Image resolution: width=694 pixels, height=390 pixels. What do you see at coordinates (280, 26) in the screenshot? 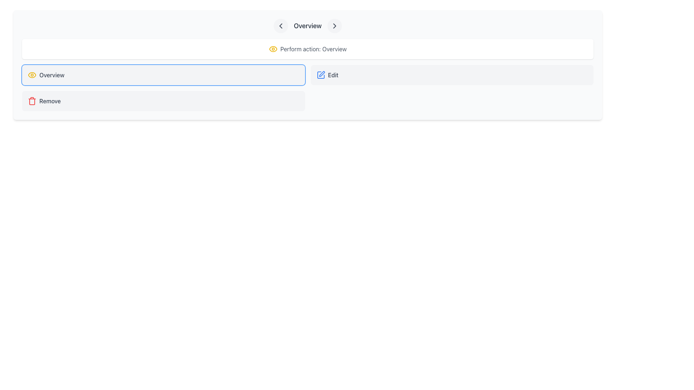
I see `the navigational icon located` at bounding box center [280, 26].